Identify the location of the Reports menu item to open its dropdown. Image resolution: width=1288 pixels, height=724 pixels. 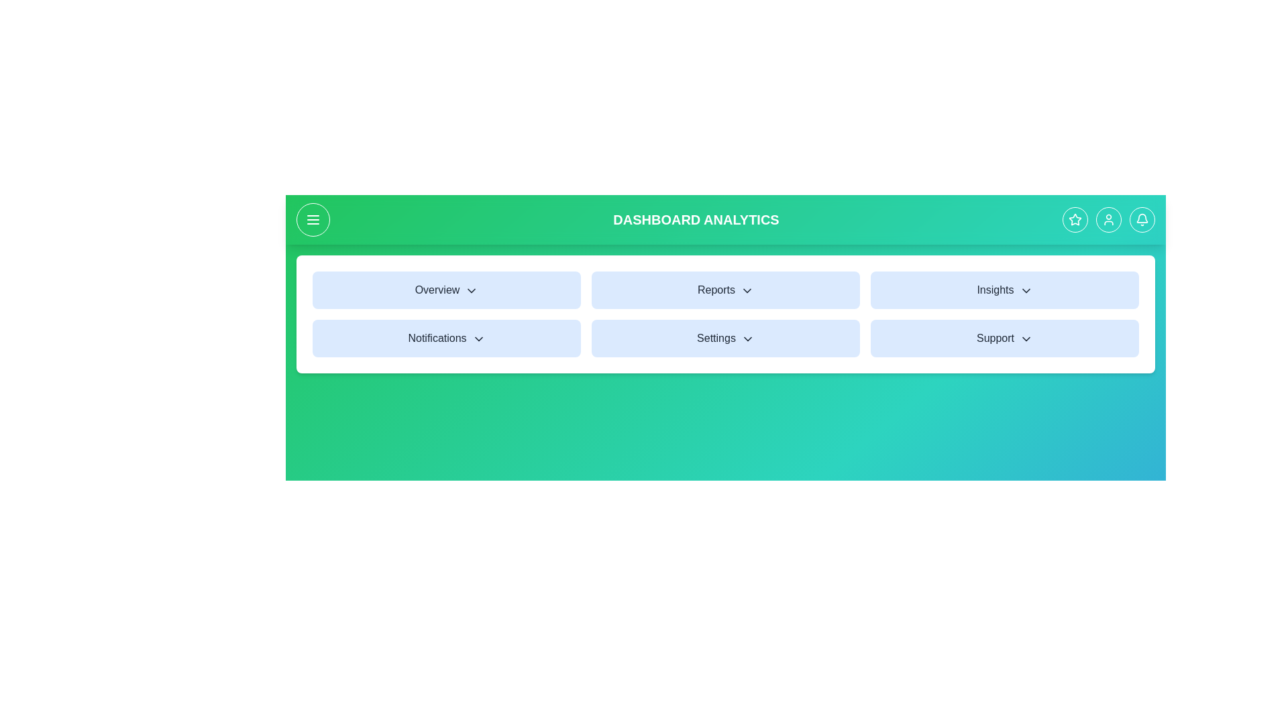
(724, 289).